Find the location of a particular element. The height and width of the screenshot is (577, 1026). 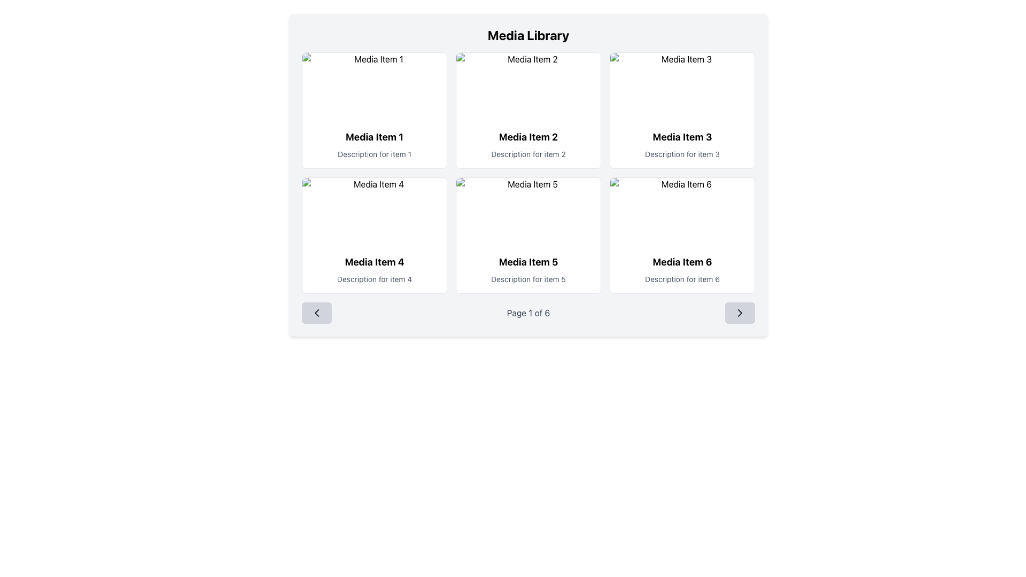

the thumbnail image representing 'Media Item 3' located at the top of its media card in the grid layout is located at coordinates (681, 86).